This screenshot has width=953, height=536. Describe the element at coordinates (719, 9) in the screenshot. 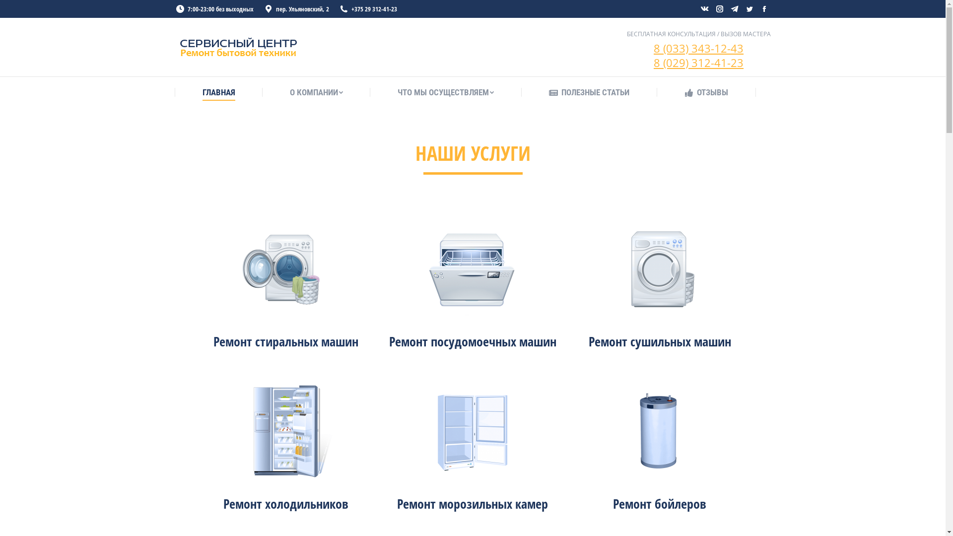

I see `'Instagram page opens in new window'` at that location.